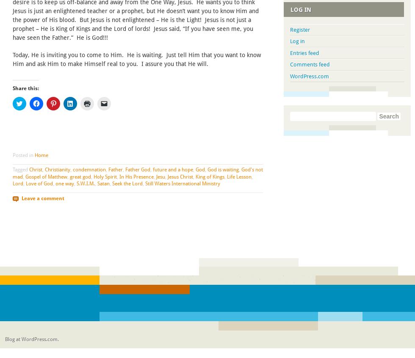 This screenshot has width=415, height=358. I want to click on 'Love of God', so click(39, 183).